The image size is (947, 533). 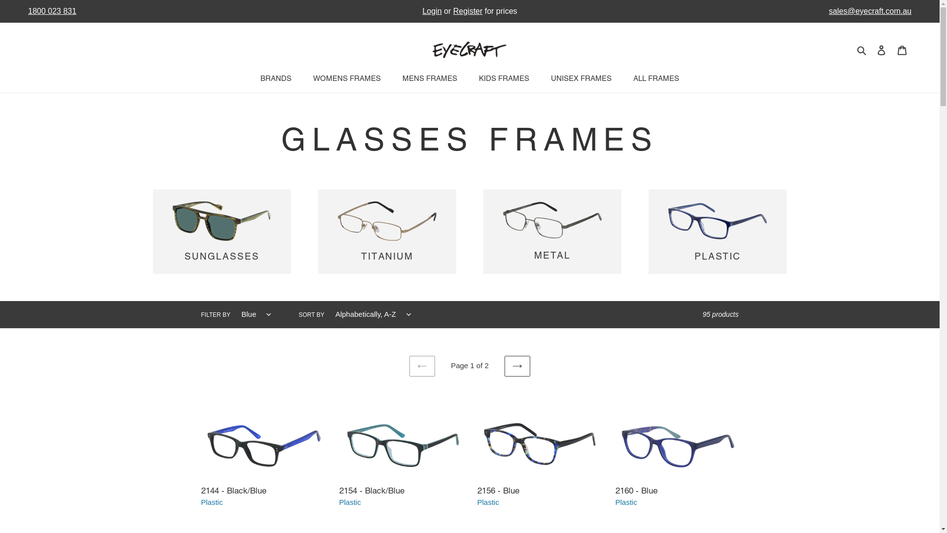 I want to click on 'Login', so click(x=432, y=11).